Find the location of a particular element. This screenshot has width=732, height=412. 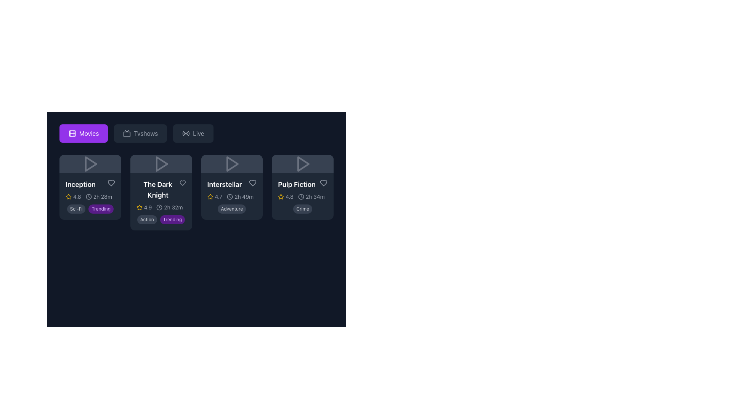

the duration display element located below the movie title 'Inception' in the top-left card, positioned to the right of the star rating element is located at coordinates (90, 196).